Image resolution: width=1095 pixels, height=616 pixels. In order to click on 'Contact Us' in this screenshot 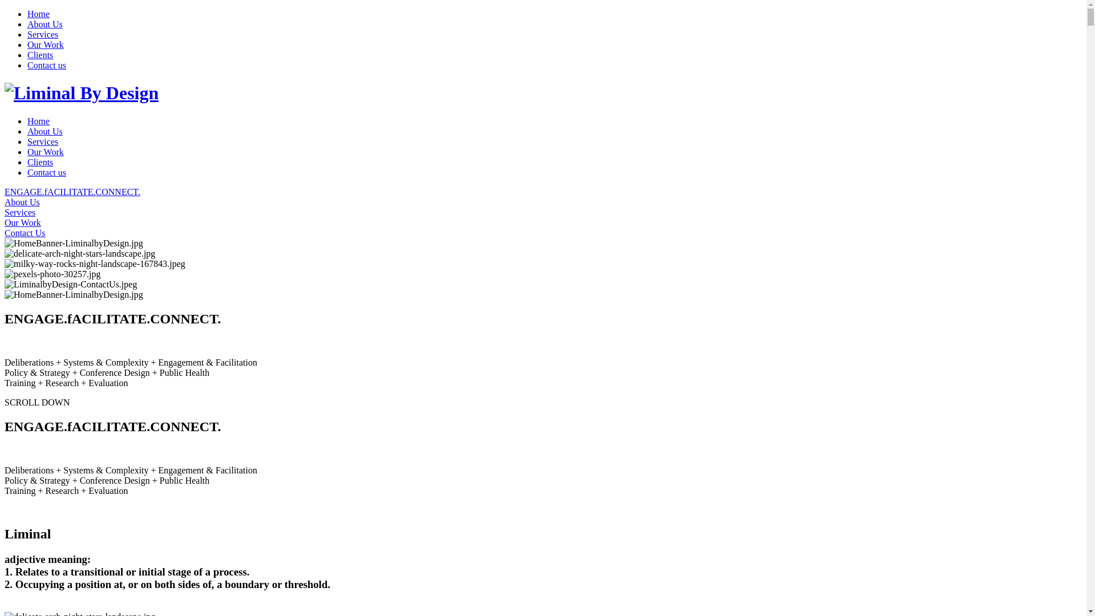, I will do `click(542, 232)`.